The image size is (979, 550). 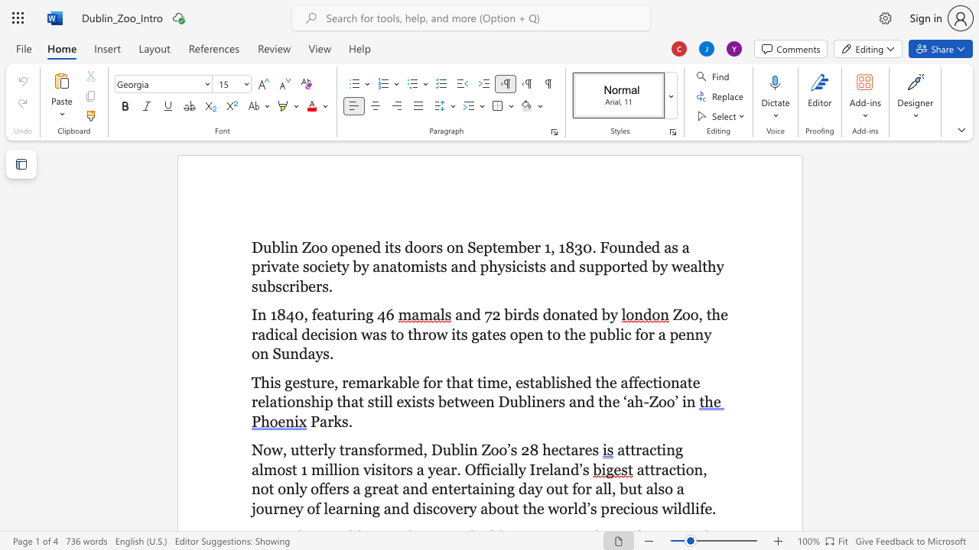 What do you see at coordinates (493, 381) in the screenshot?
I see `the 2th character "m" in the text` at bounding box center [493, 381].